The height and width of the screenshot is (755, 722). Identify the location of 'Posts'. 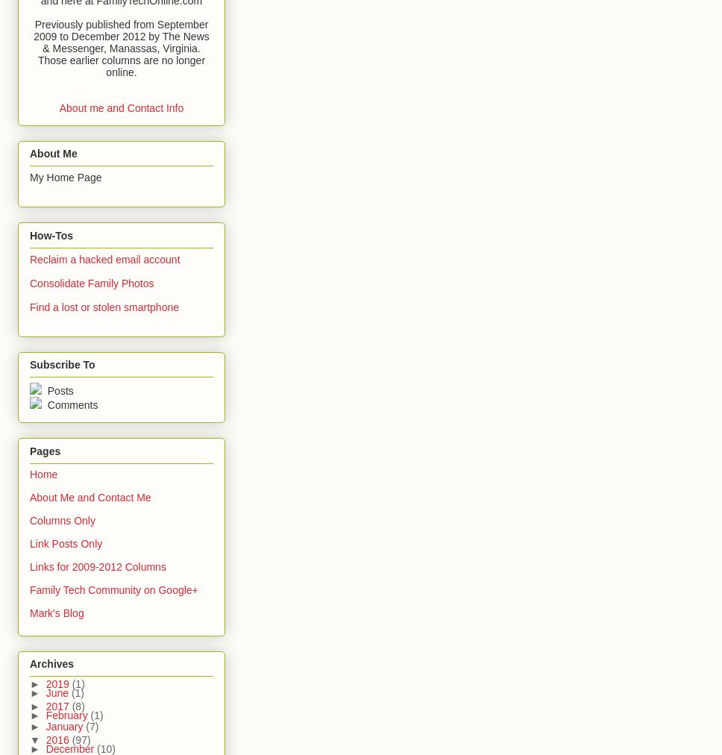
(57, 390).